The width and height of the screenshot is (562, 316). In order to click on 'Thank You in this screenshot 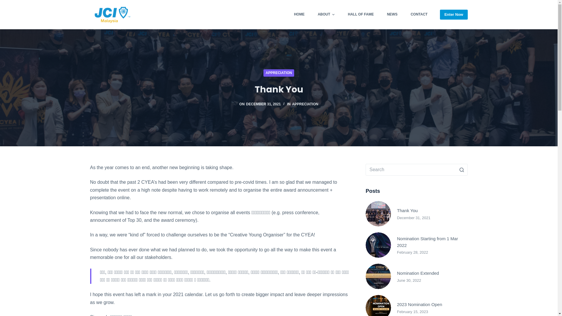, I will do `click(416, 214)`.